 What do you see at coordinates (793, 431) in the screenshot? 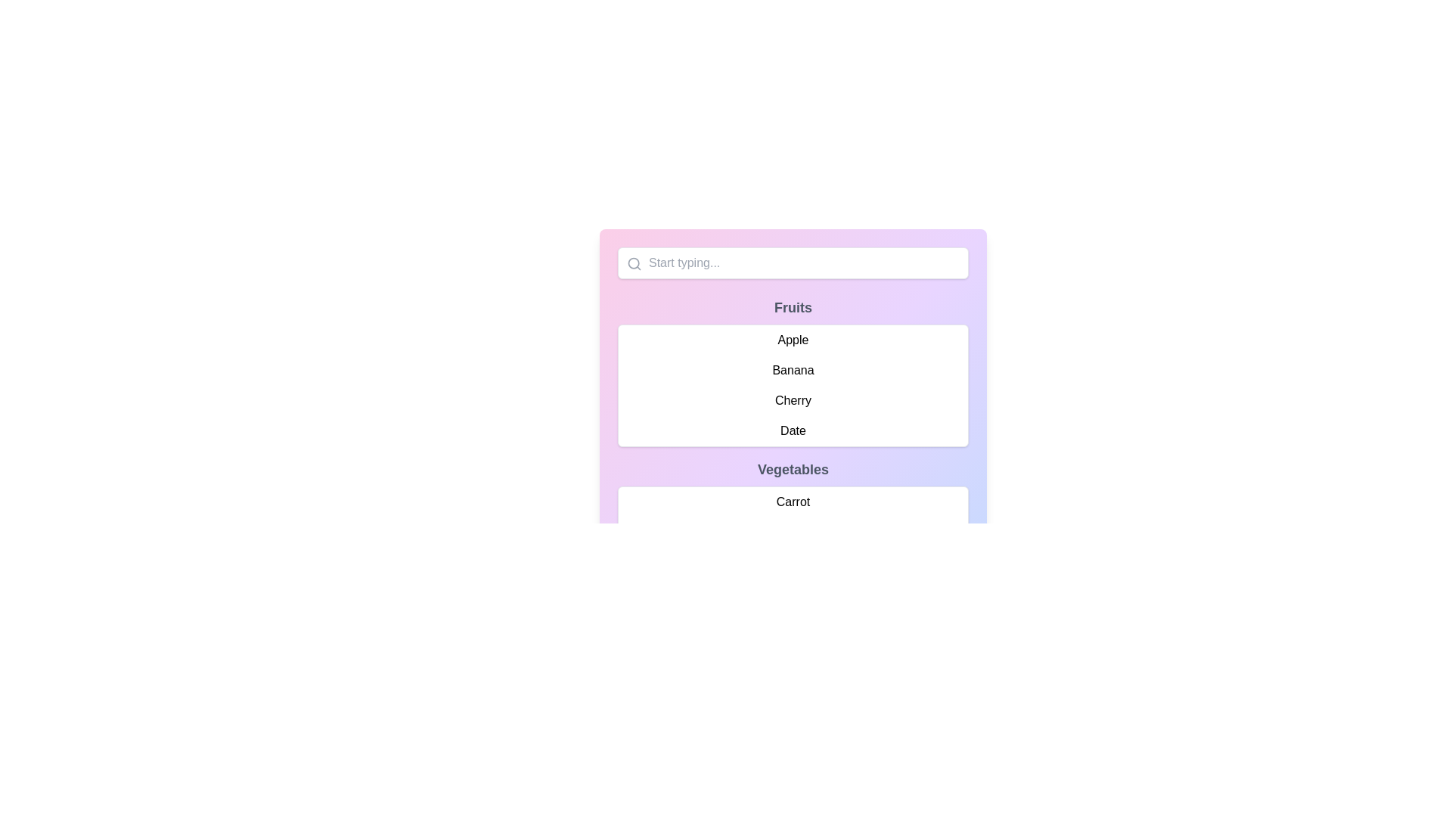
I see `on the list item labeled 'Date' within the 'Fruits' list` at bounding box center [793, 431].